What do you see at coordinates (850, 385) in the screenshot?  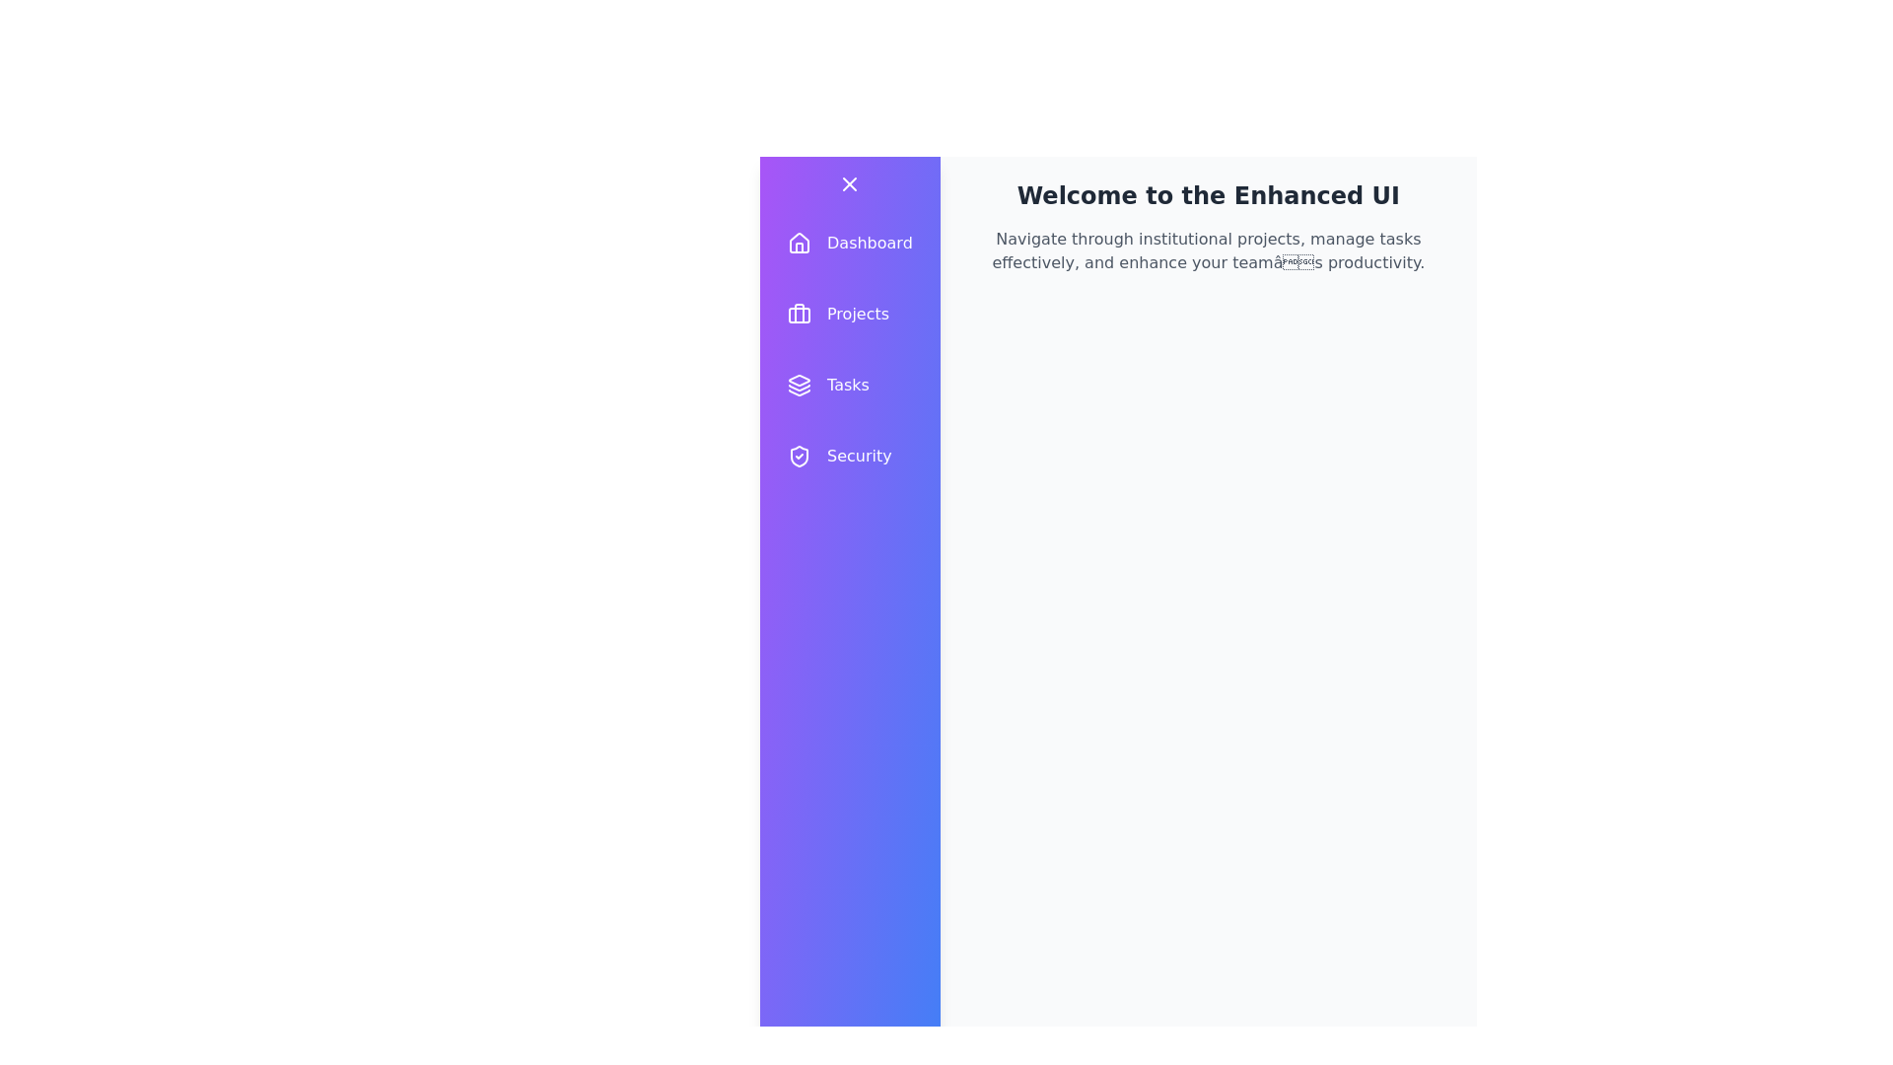 I see `the 'Tasks' interactive navigation item, which is the third item in the vertical navigation menu styled in white on a purple gradient background` at bounding box center [850, 385].